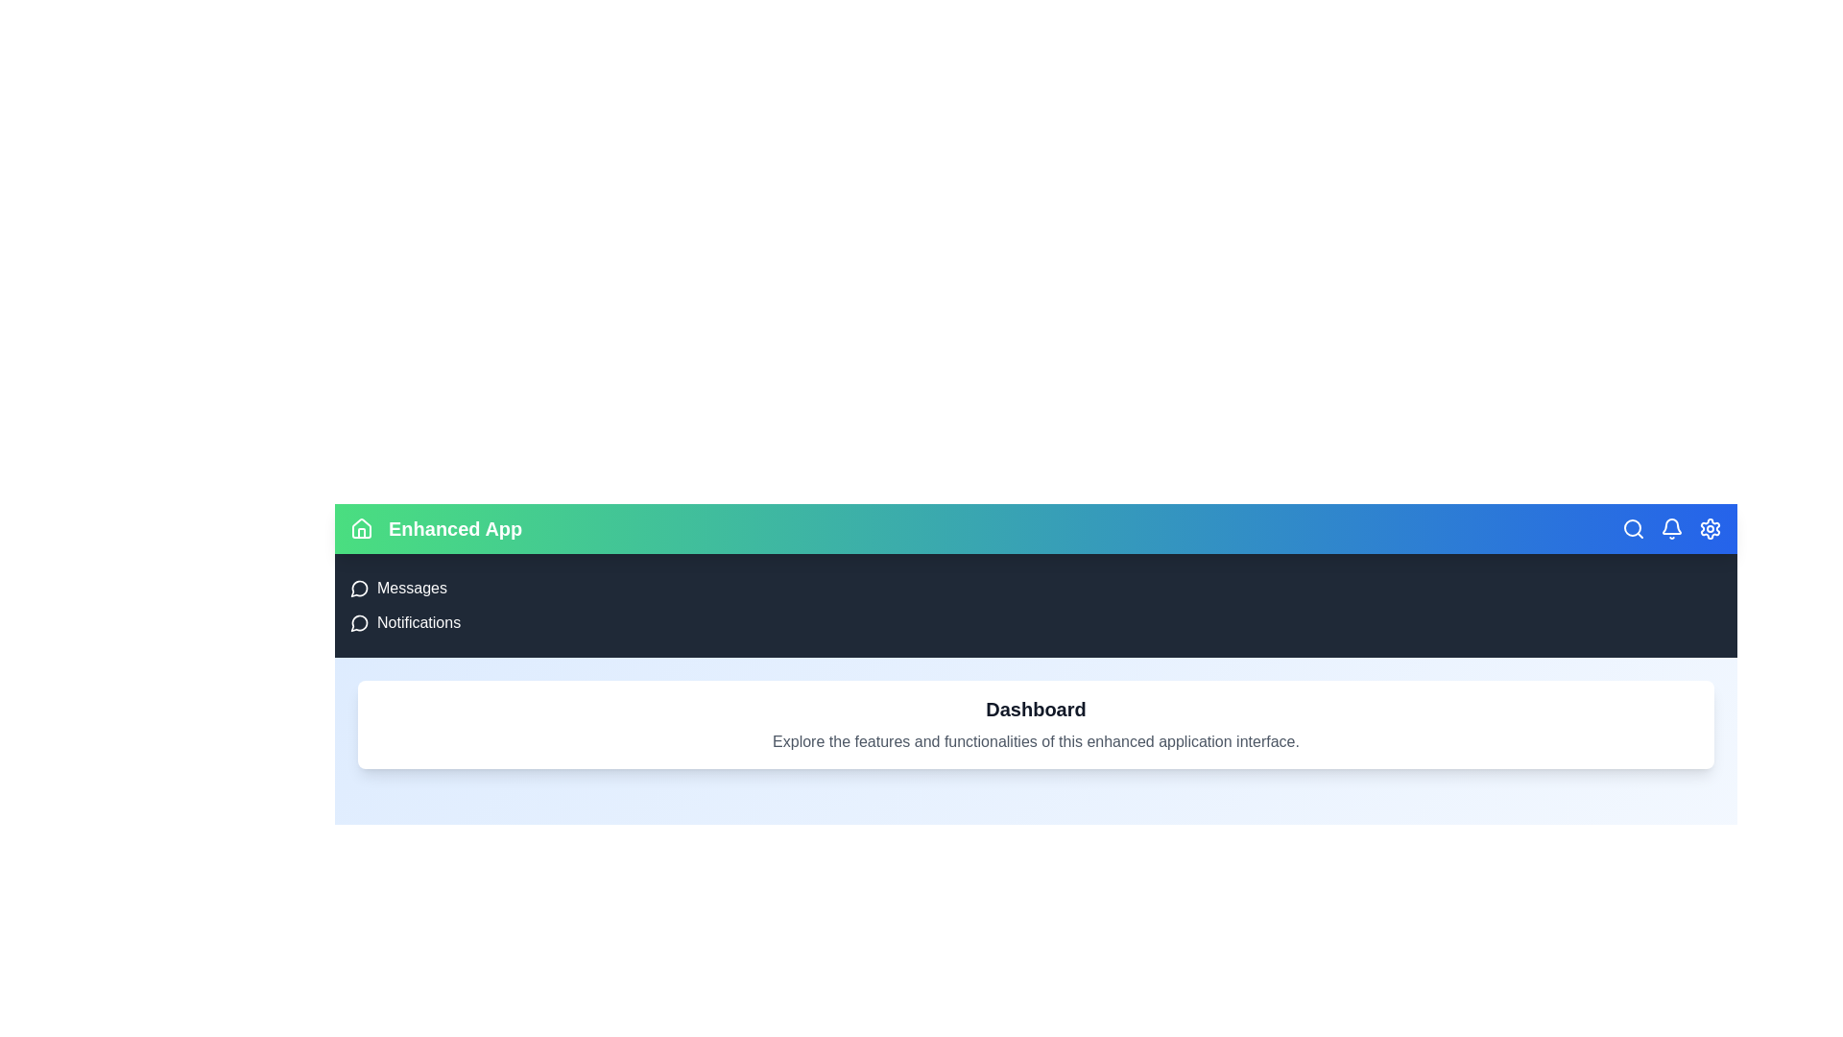 The height and width of the screenshot is (1037, 1843). Describe the element at coordinates (362, 588) in the screenshot. I see `the menu option Messages from the navigation bar` at that location.